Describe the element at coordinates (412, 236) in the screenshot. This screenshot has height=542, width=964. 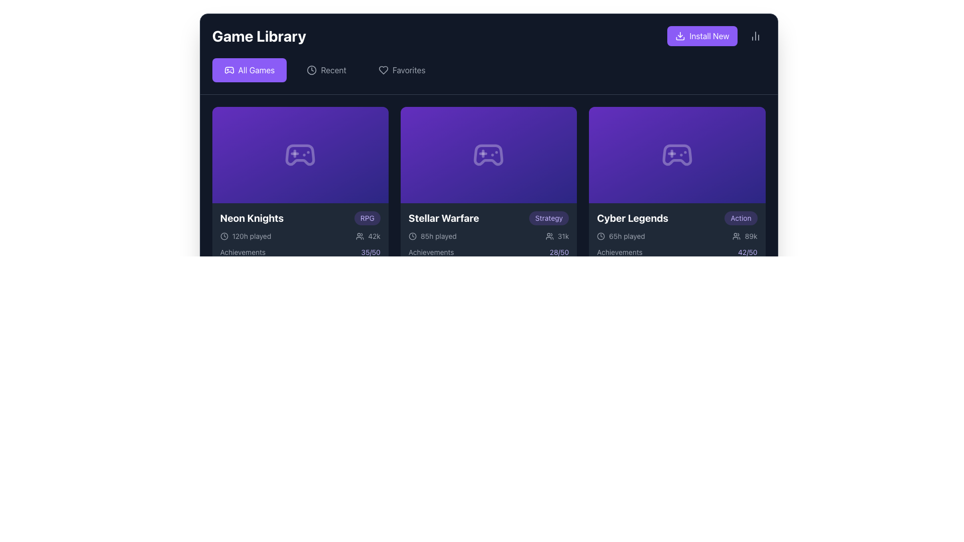
I see `the small circular clock-shaped icon located in the 'Stellar Warfare' card within the 'Game Library' section, positioned to the left of the text '85h played'` at that location.